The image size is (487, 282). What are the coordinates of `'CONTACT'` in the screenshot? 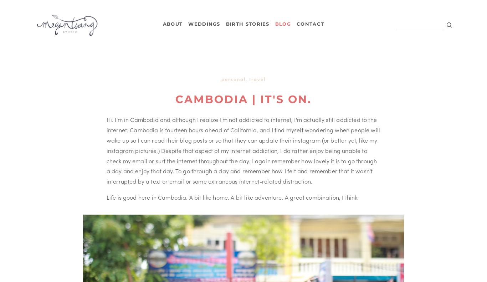 It's located at (310, 24).